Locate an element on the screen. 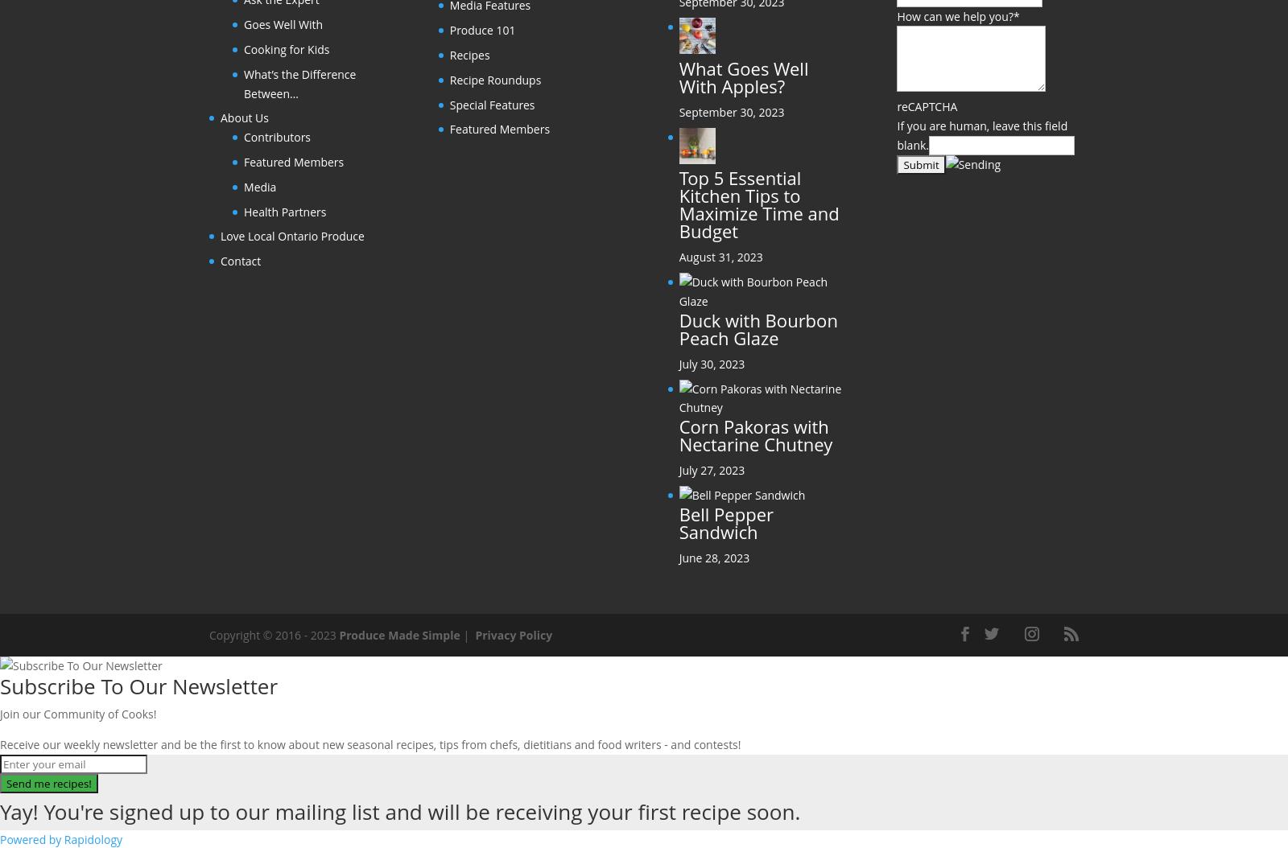 The width and height of the screenshot is (1288, 848). 'Health Partners' is located at coordinates (285, 211).